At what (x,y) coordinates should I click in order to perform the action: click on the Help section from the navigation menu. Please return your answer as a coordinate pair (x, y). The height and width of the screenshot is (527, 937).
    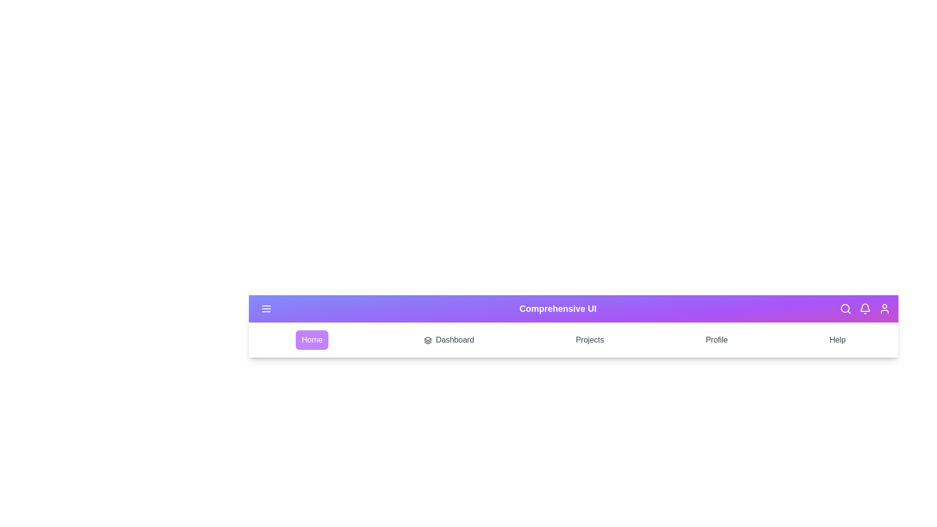
    Looking at the image, I should click on (837, 340).